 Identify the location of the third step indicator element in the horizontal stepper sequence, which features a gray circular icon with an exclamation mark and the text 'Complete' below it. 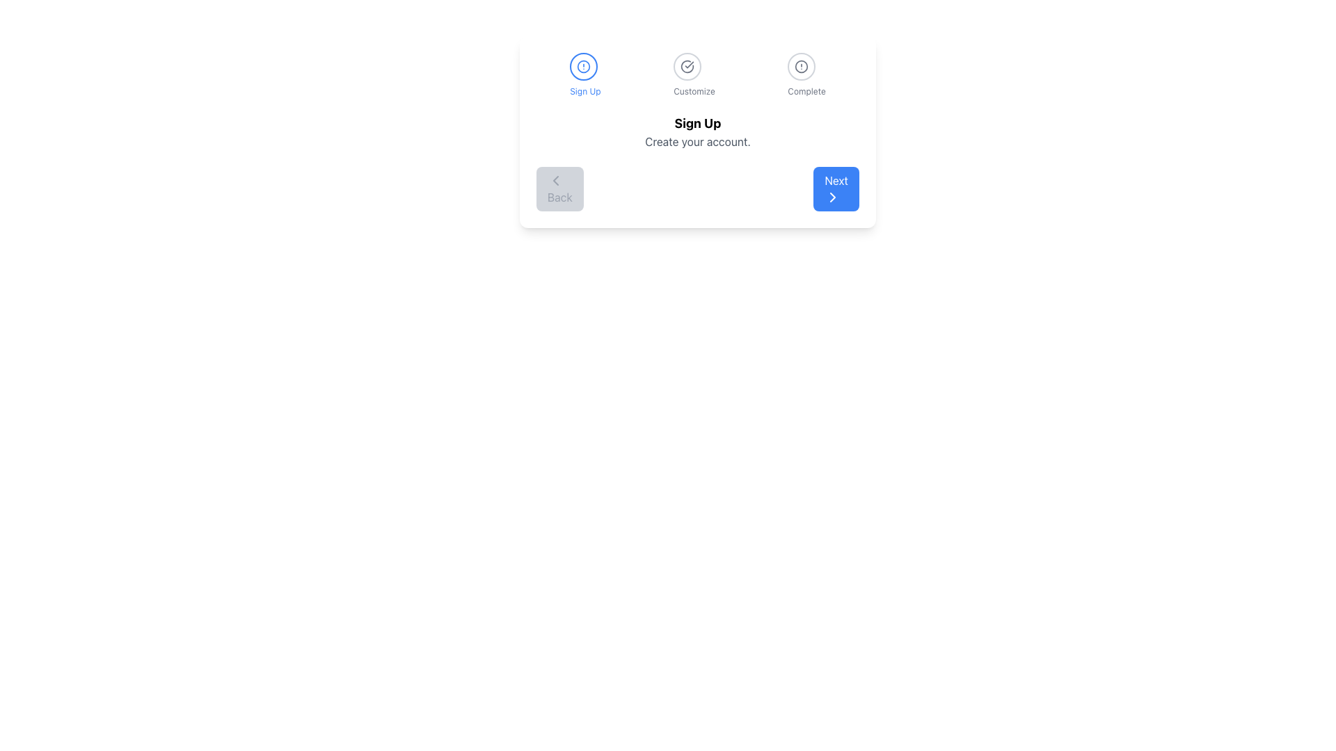
(806, 75).